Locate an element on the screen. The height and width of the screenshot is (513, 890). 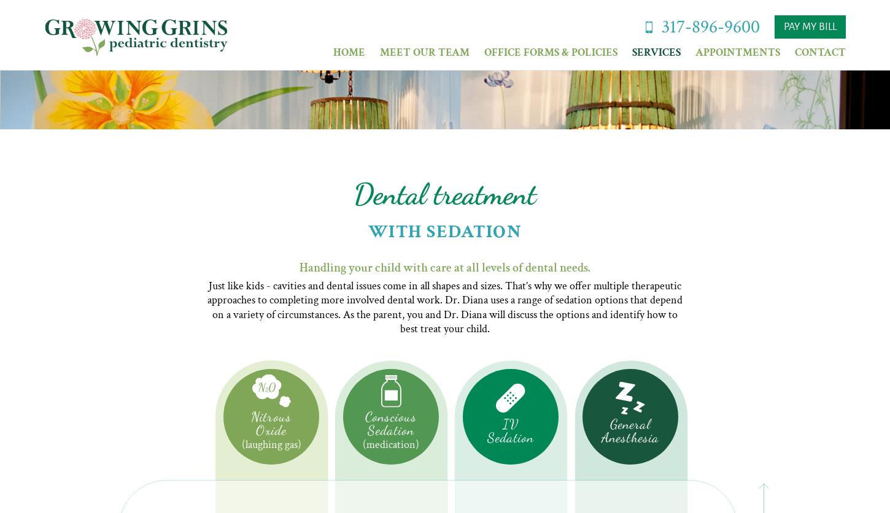
'Dental treatment' is located at coordinates (353, 194).